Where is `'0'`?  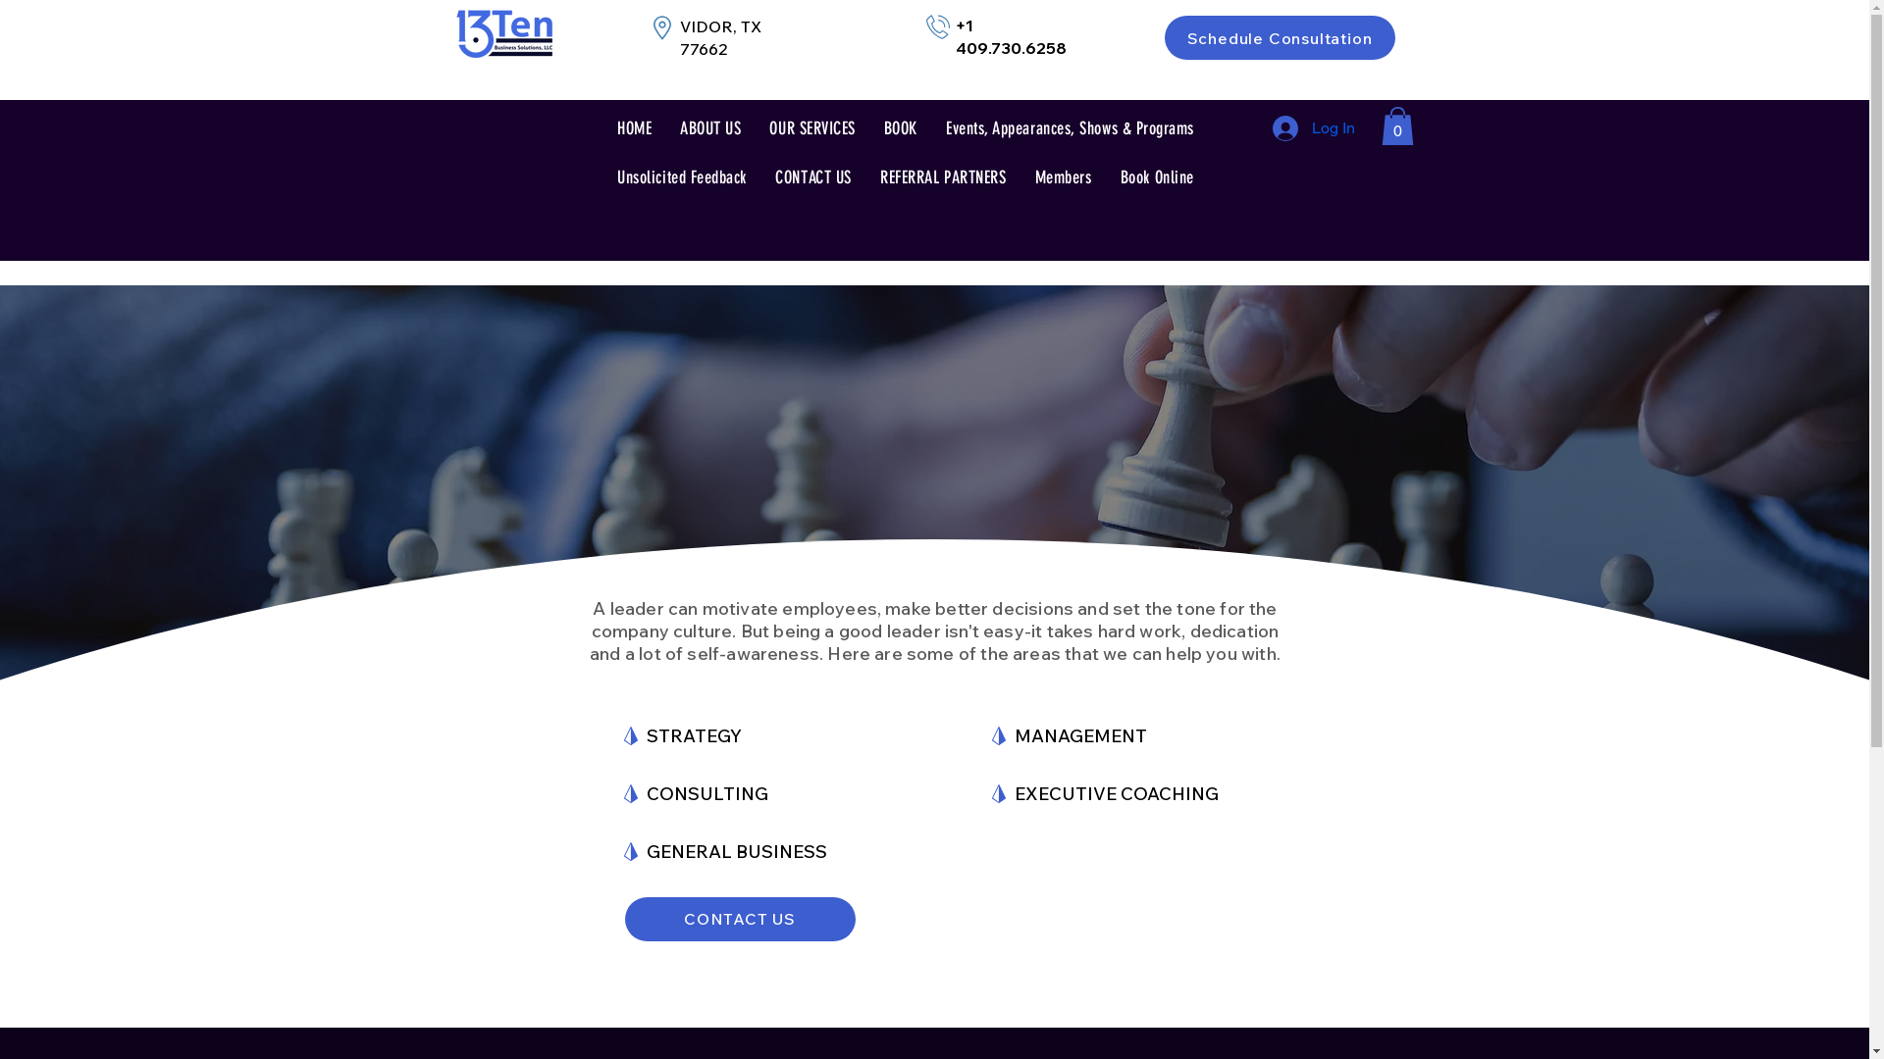 '0' is located at coordinates (1380, 126).